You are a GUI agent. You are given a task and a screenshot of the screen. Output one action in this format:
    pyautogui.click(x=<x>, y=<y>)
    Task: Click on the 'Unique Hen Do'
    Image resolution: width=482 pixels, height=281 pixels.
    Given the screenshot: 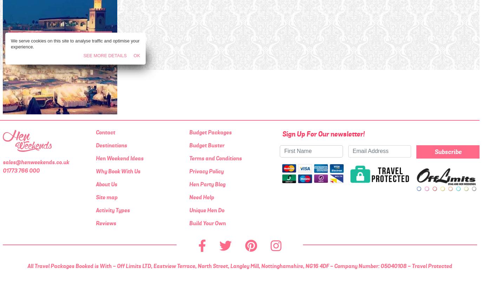 What is the action you would take?
    pyautogui.click(x=206, y=210)
    